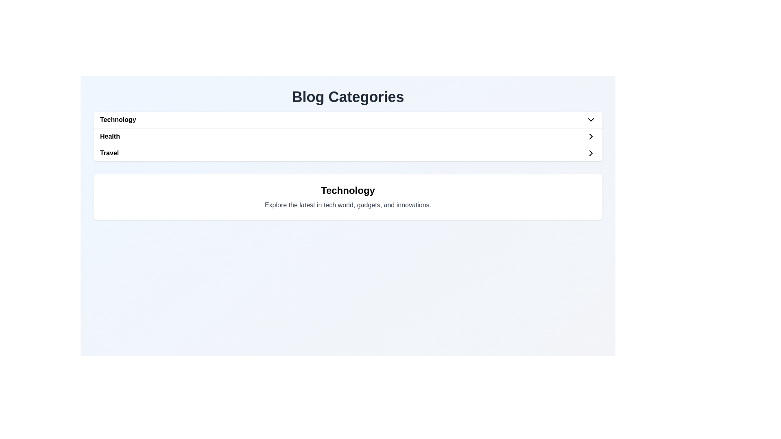  I want to click on the right-pointing chevron icon in the SVG element next to the 'Health' option, so click(591, 136).